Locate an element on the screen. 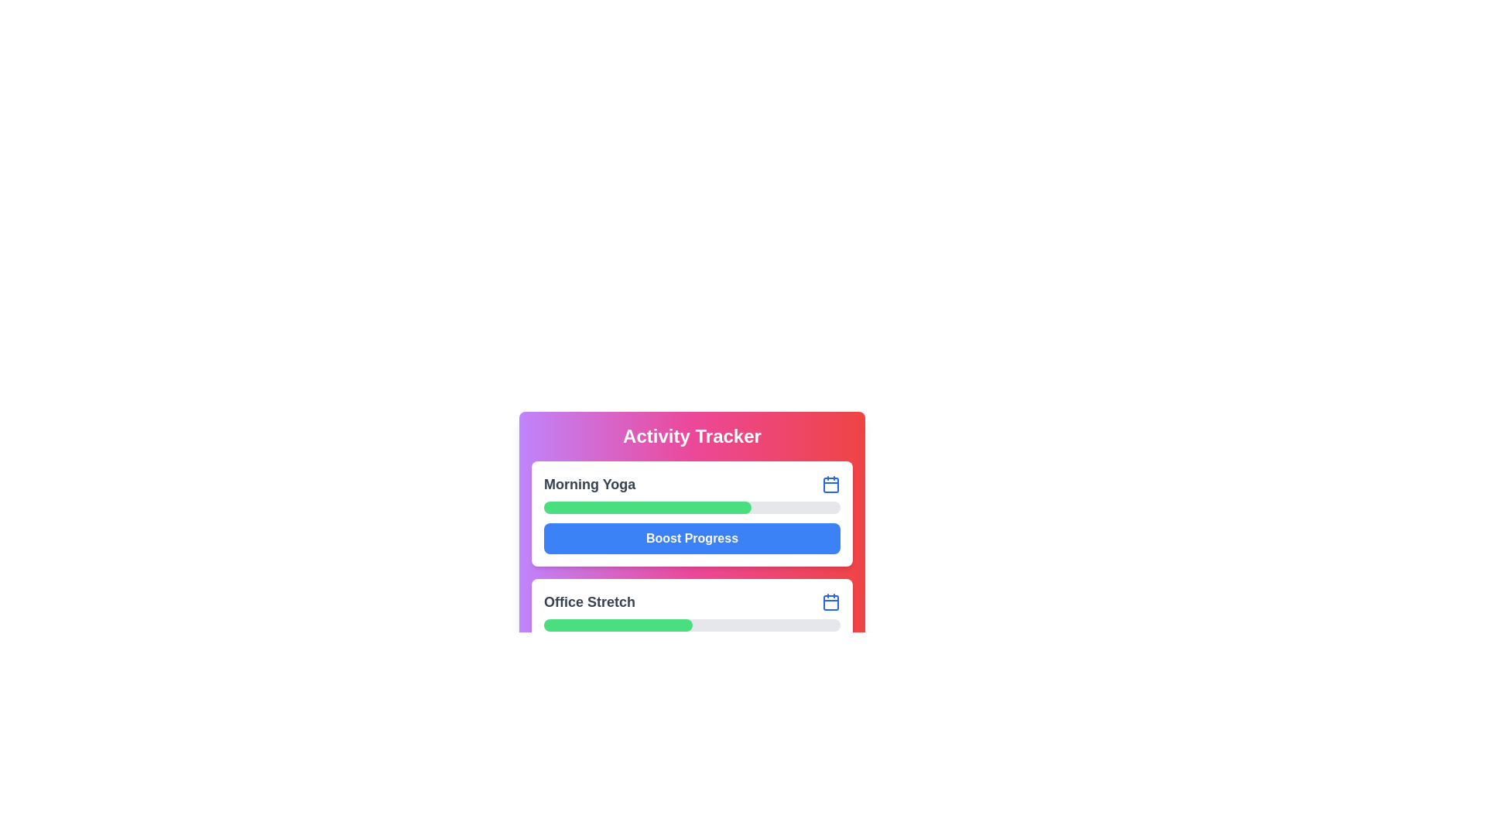  the green progress bar fill representing 60% of the progress in the 'Activity Tracker' interface under the 'Office Stretch' activity is located at coordinates (632, 742).